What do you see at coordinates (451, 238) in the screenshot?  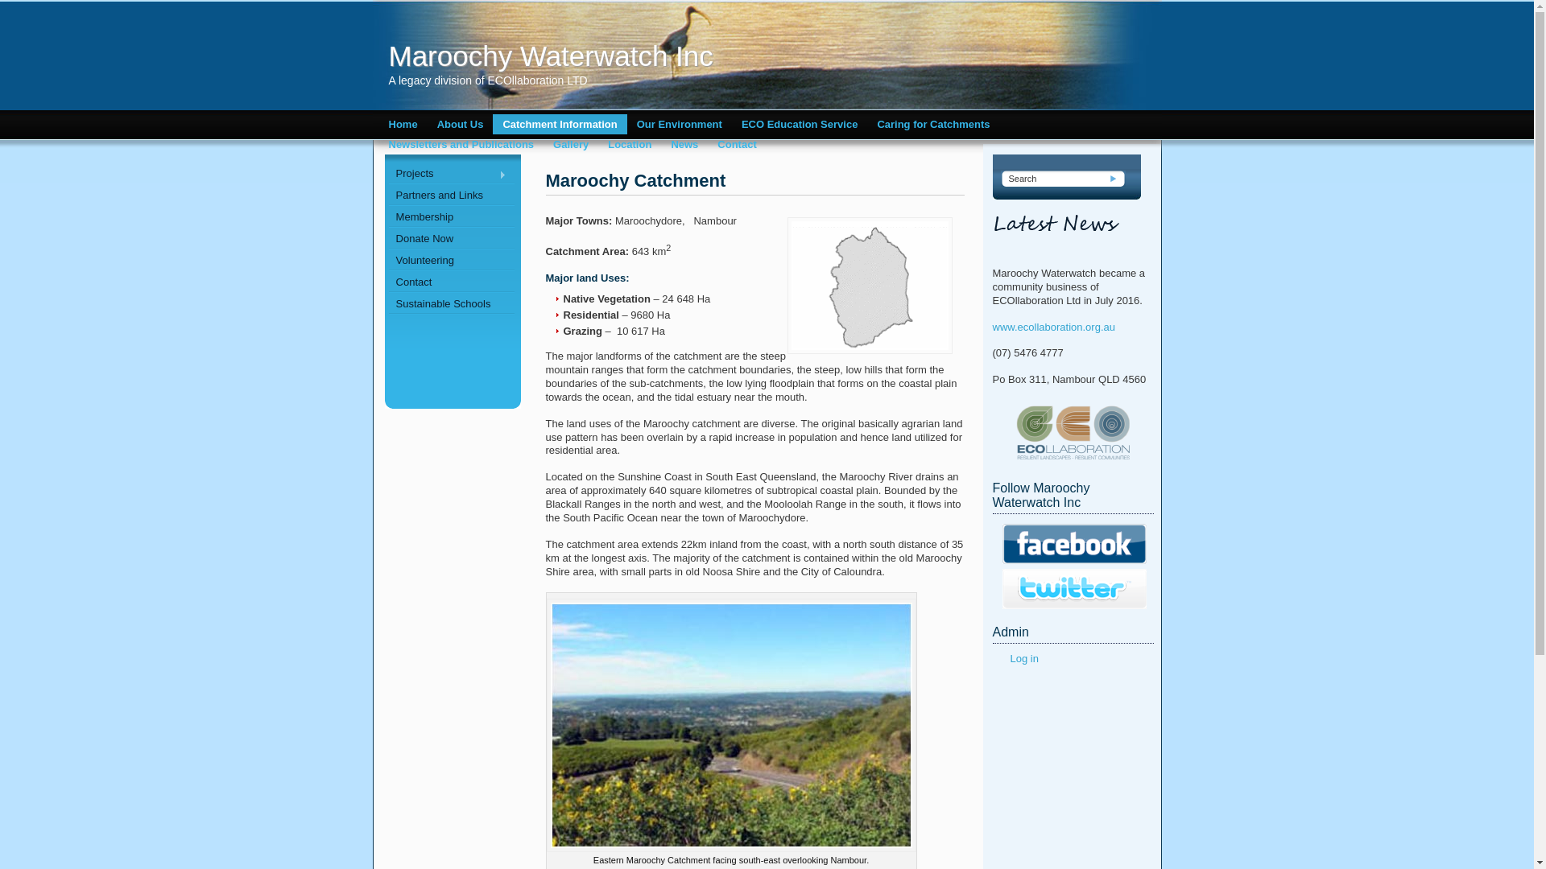 I see `'Donate Now'` at bounding box center [451, 238].